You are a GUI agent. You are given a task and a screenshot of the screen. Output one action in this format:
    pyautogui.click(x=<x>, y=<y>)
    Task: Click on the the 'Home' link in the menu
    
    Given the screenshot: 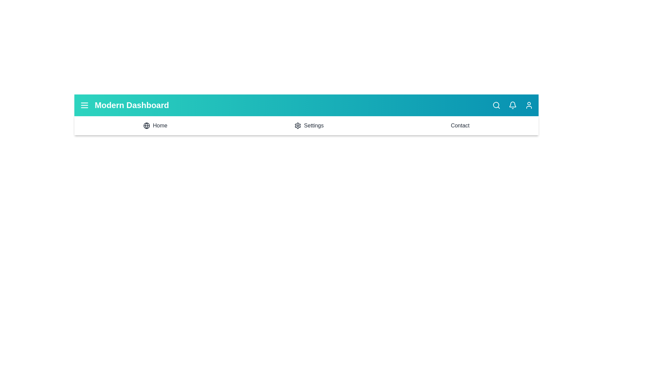 What is the action you would take?
    pyautogui.click(x=155, y=126)
    